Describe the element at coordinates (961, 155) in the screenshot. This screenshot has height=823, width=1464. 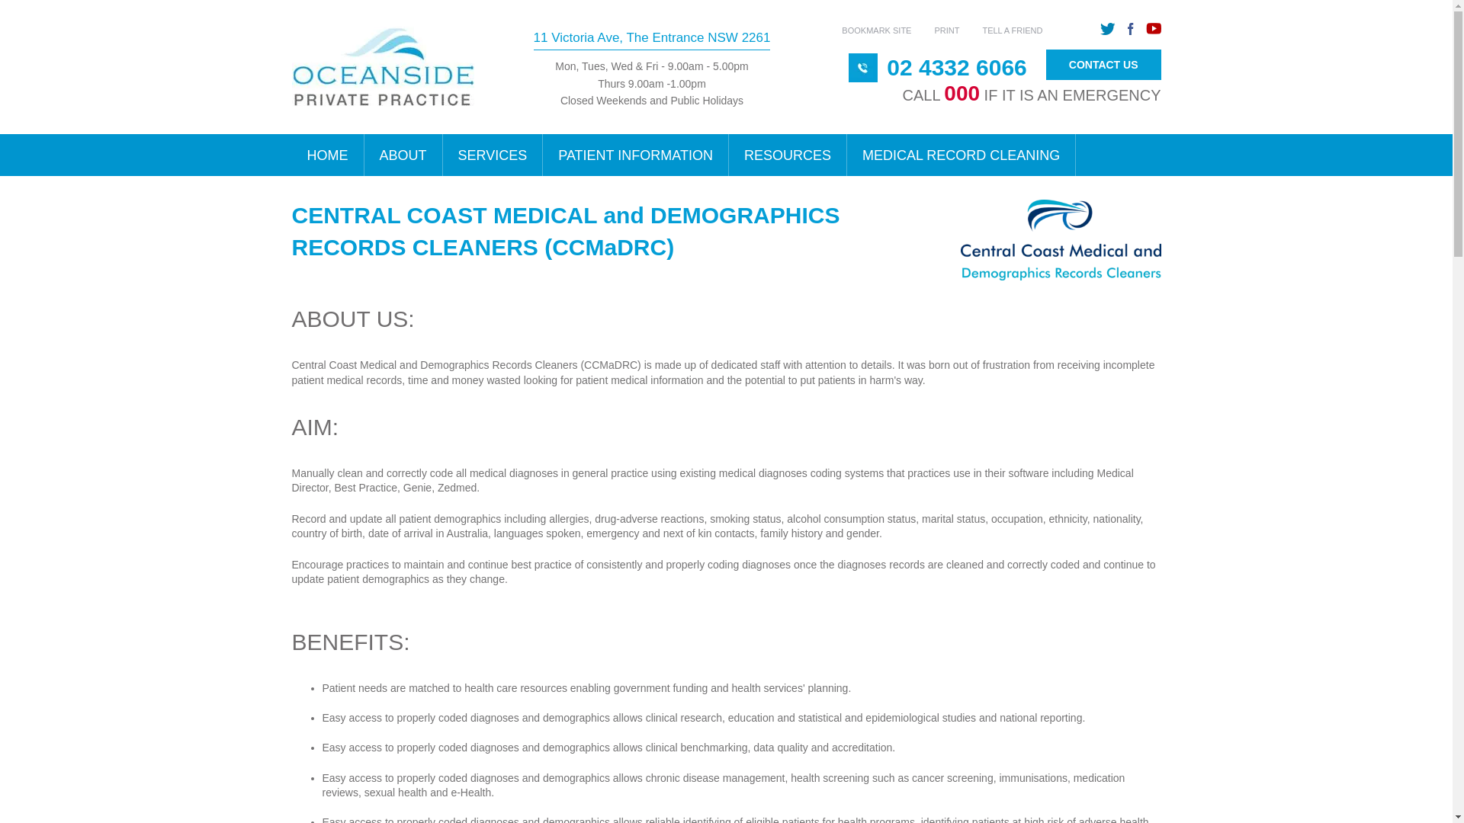
I see `'MEDICAL RECORD CLEANING'` at that location.